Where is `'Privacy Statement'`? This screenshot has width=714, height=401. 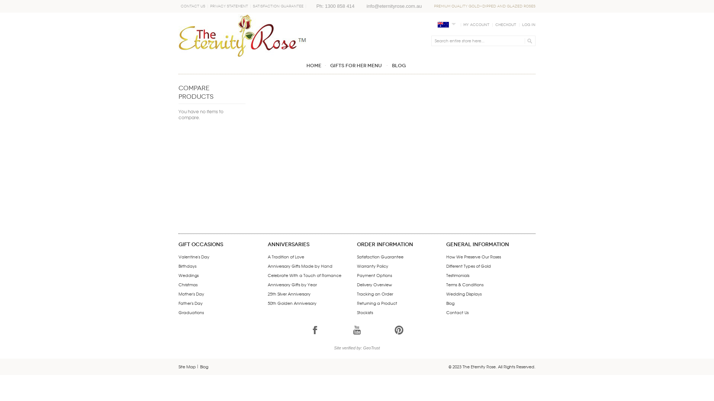
'Privacy Statement' is located at coordinates (228, 6).